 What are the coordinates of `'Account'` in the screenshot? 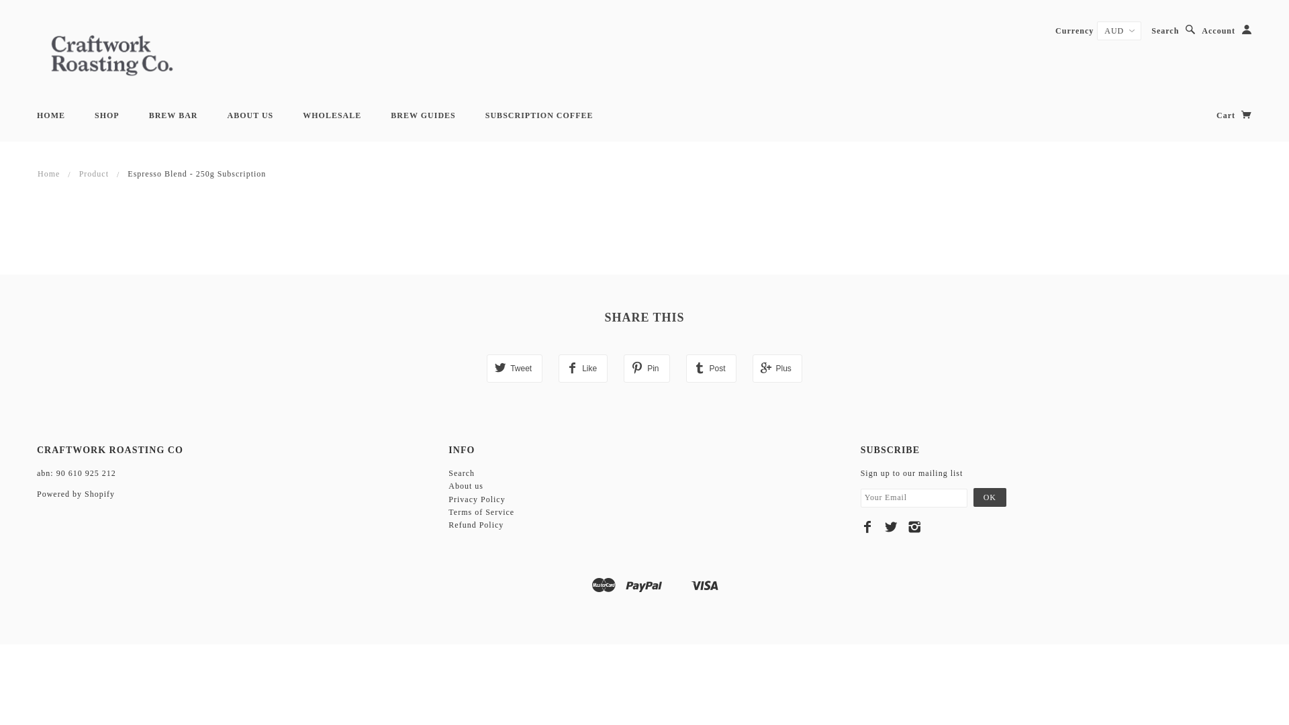 It's located at (1202, 30).